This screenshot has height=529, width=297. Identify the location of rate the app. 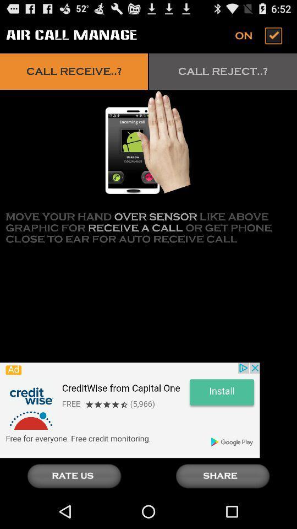
(74, 476).